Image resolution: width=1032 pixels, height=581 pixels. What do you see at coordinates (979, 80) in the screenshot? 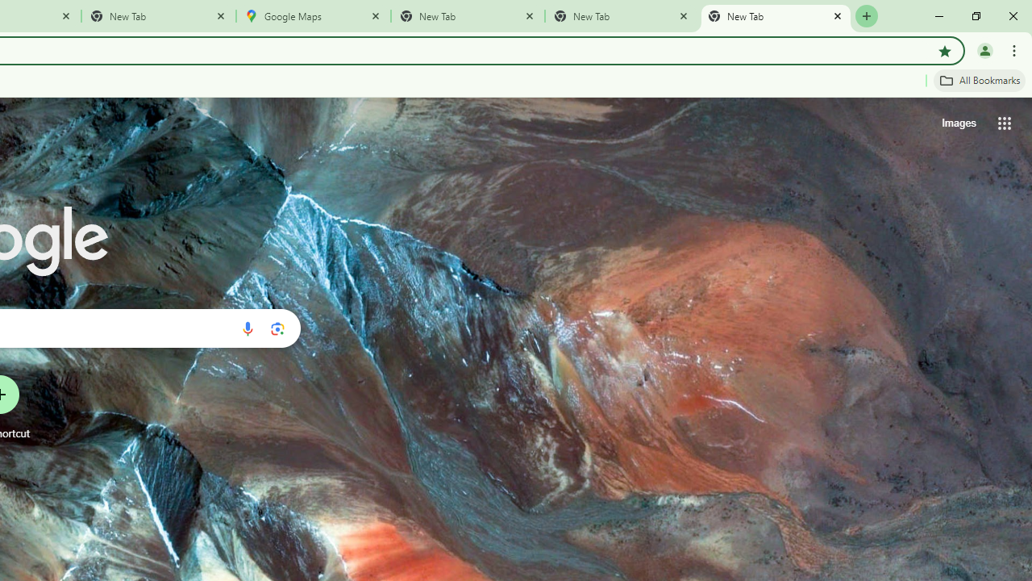
I see `'All Bookmarks'` at bounding box center [979, 80].